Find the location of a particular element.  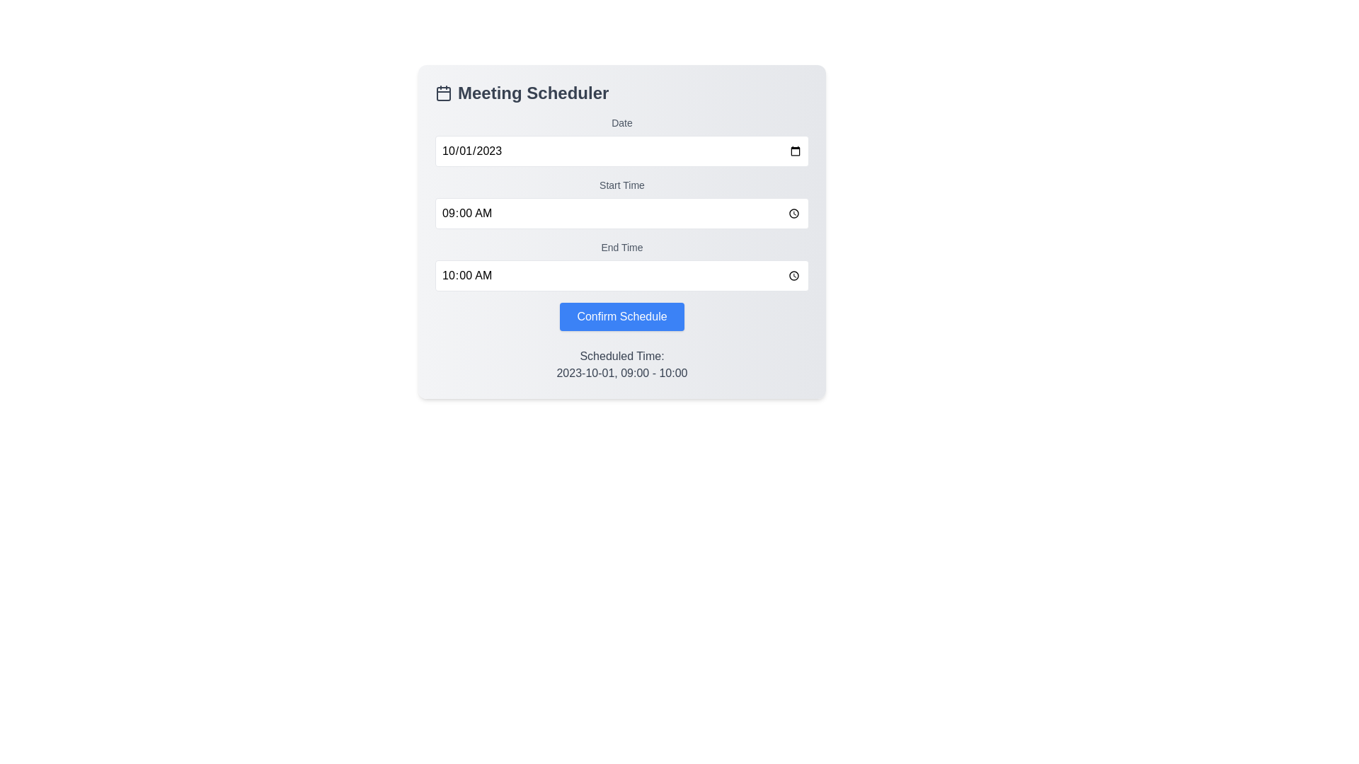

the rectangular graphical component with slightly rounded corners located within the calendar icon next to the 'Meeting Scheduler' text is located at coordinates (443, 93).